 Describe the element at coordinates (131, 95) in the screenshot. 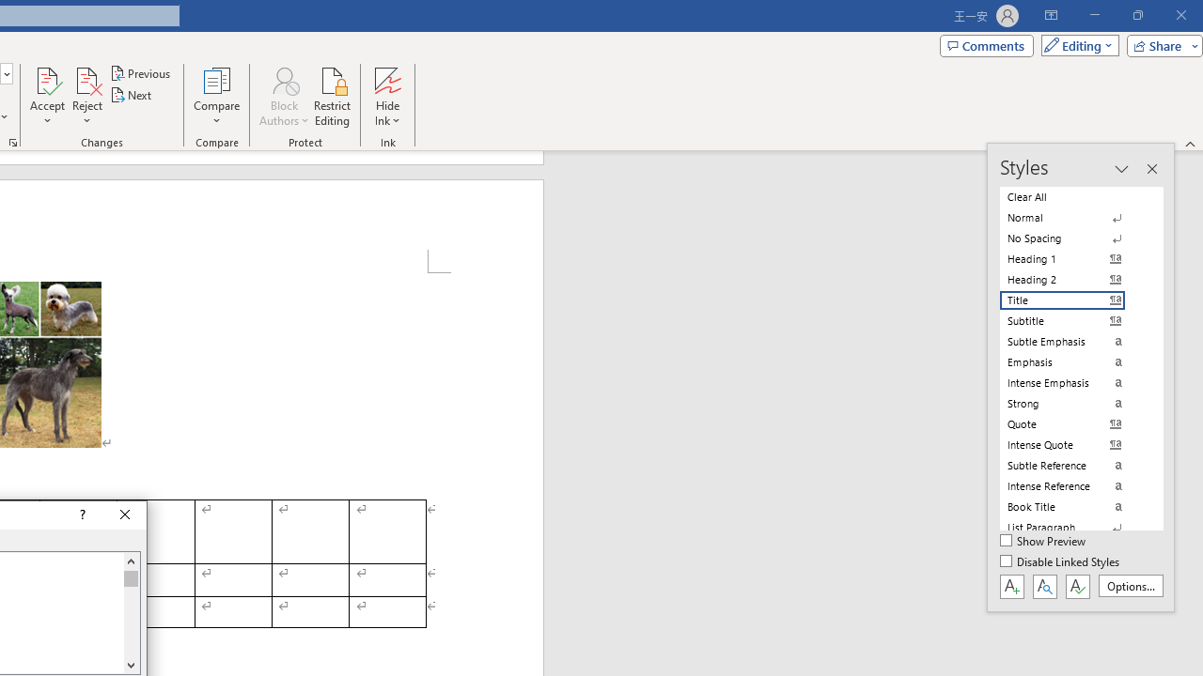

I see `'Next'` at that location.